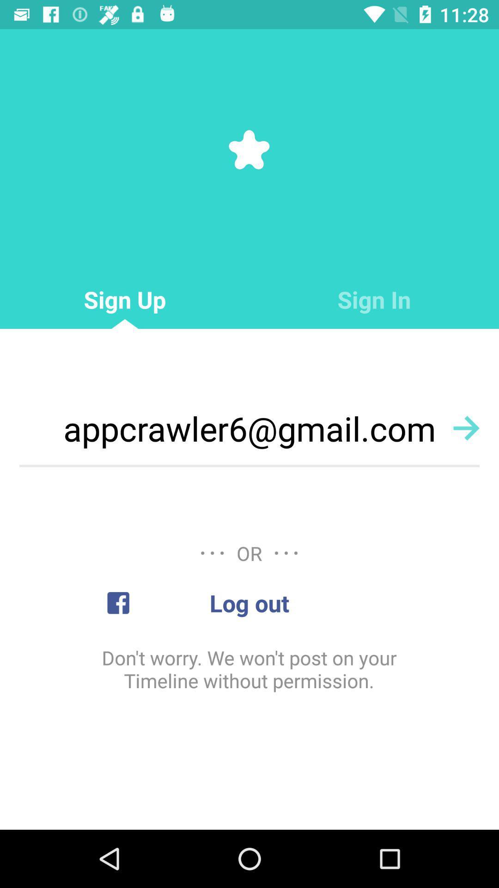 This screenshot has height=888, width=499. I want to click on log out item, so click(249, 603).